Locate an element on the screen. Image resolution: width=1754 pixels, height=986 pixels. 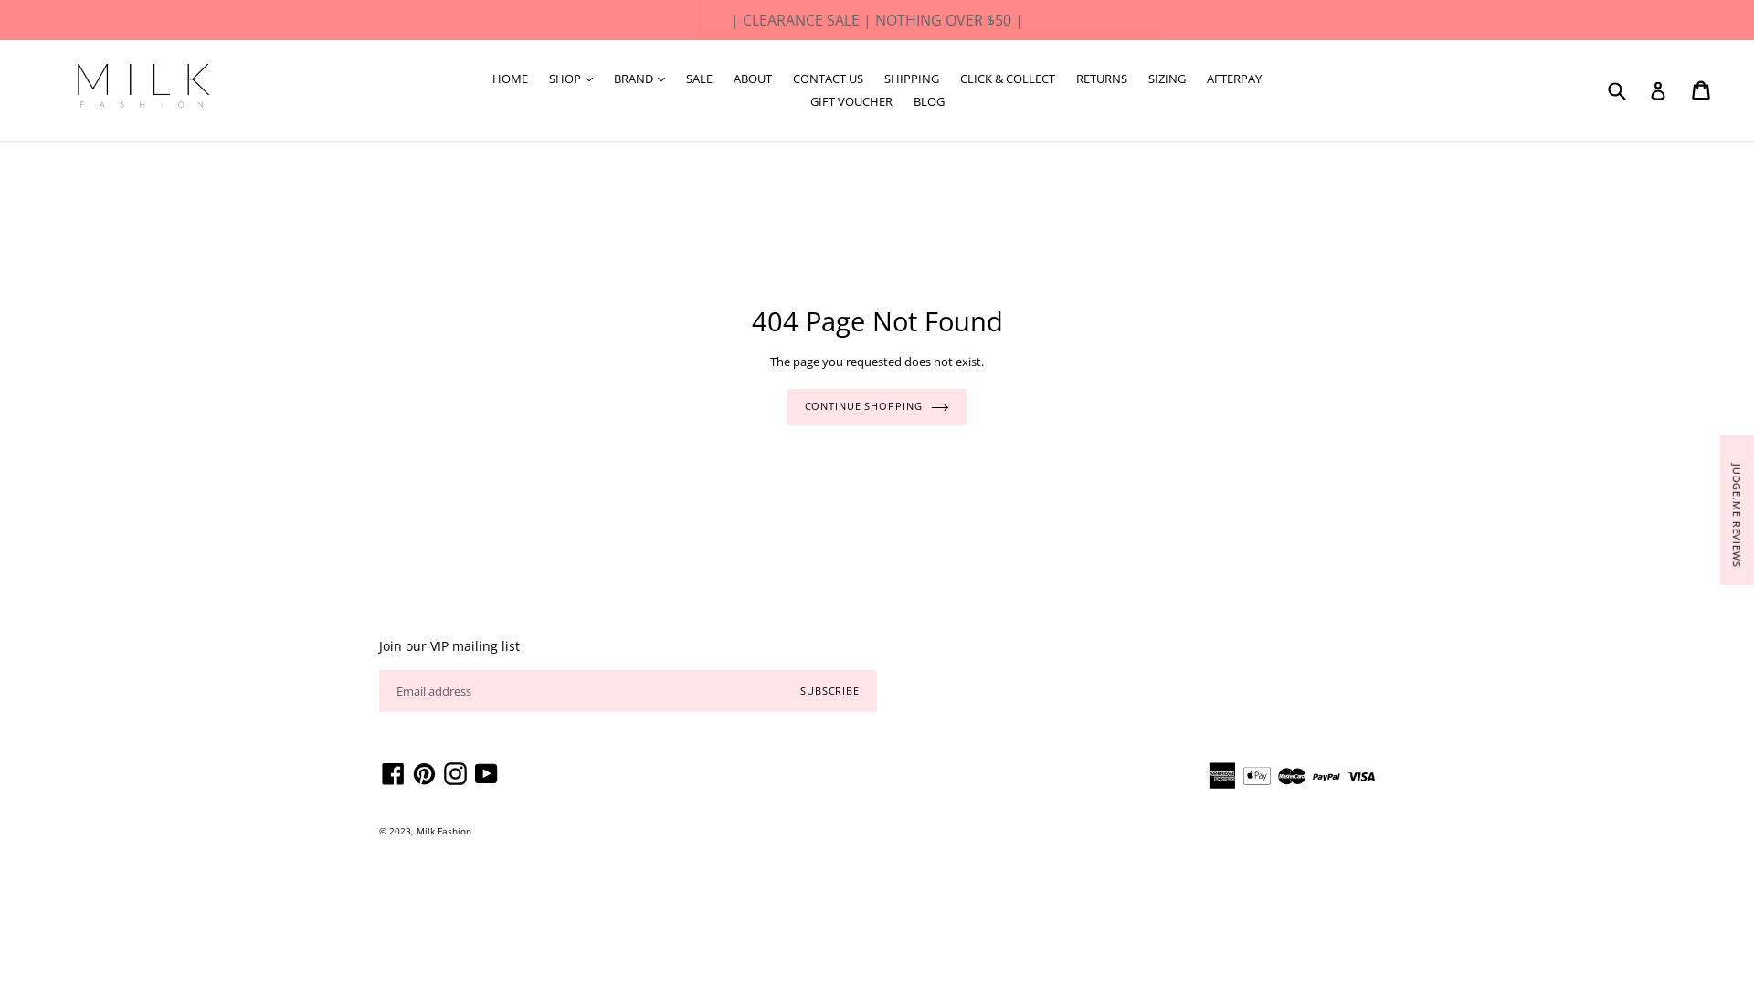
'Submit' is located at coordinates (1616, 90).